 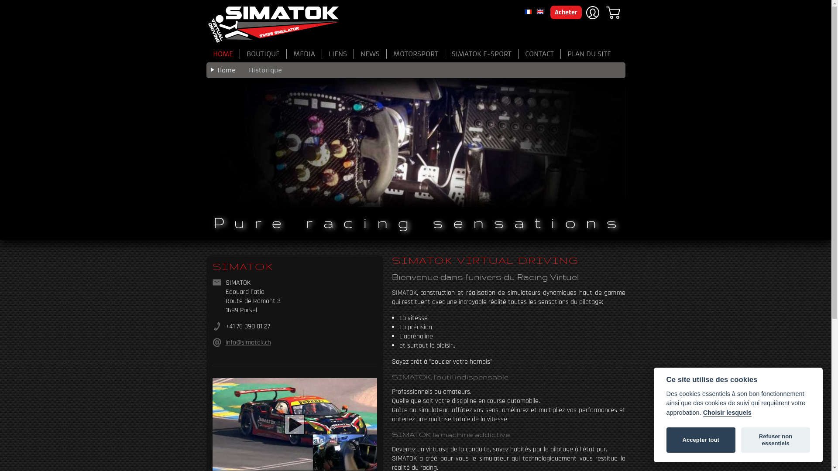 I want to click on 'PLAN DU SITE', so click(x=585, y=54).